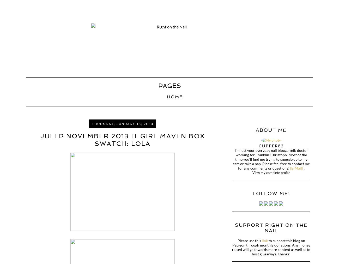  Describe the element at coordinates (271, 247) in the screenshot. I see `'to support this blog on Patreon through monthly donations. Any money raised will go towards more content as well as to host giveaways. Thanks!'` at that location.